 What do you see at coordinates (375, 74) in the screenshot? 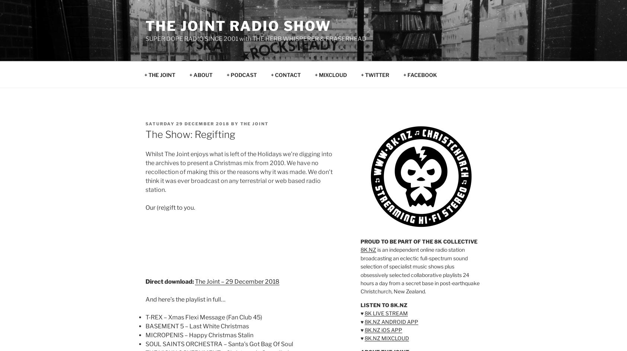
I see `'+ TWITTER'` at bounding box center [375, 74].